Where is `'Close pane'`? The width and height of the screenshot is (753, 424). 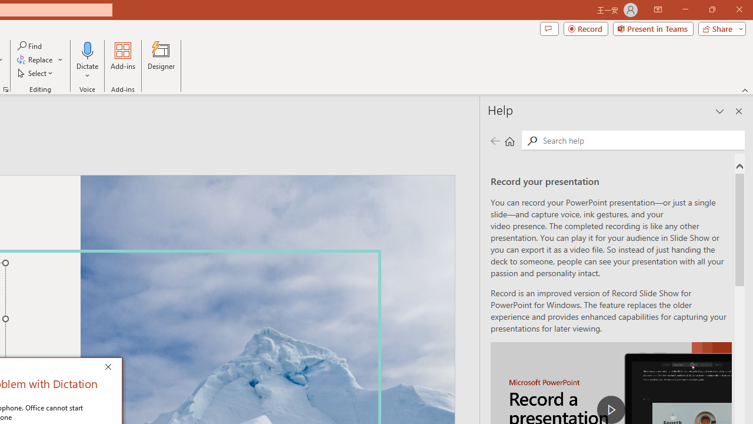 'Close pane' is located at coordinates (738, 111).